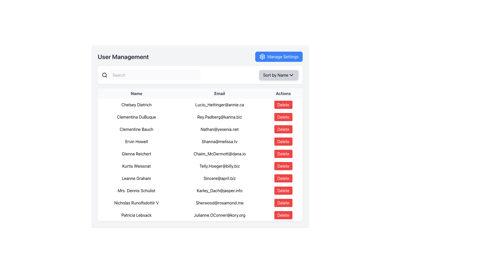 The height and width of the screenshot is (276, 490). Describe the element at coordinates (283, 190) in the screenshot. I see `the 'Delete' button with a red background, labeled in white text, located in the 'Actions' column next to 'Mrs. Dennis Schulist' and 'Karley_Dach@jasper.info', specifically the 8th button in the list, to observe the hover effect` at that location.